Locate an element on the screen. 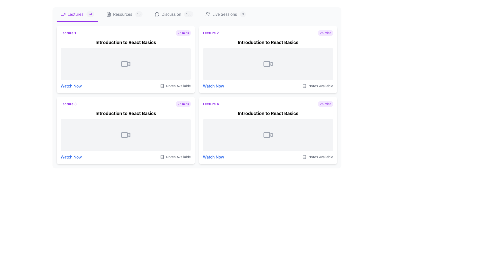 This screenshot has height=270, width=481. the non-interactive rectangular SVG element with rounded corners, styled in a neutral color, located in the icon section of the Lecture 1 card is located at coordinates (62, 14).